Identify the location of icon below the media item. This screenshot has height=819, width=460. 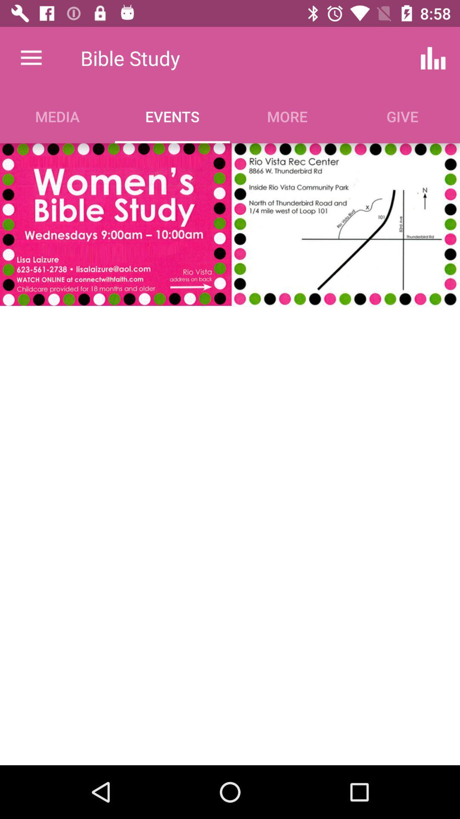
(230, 224).